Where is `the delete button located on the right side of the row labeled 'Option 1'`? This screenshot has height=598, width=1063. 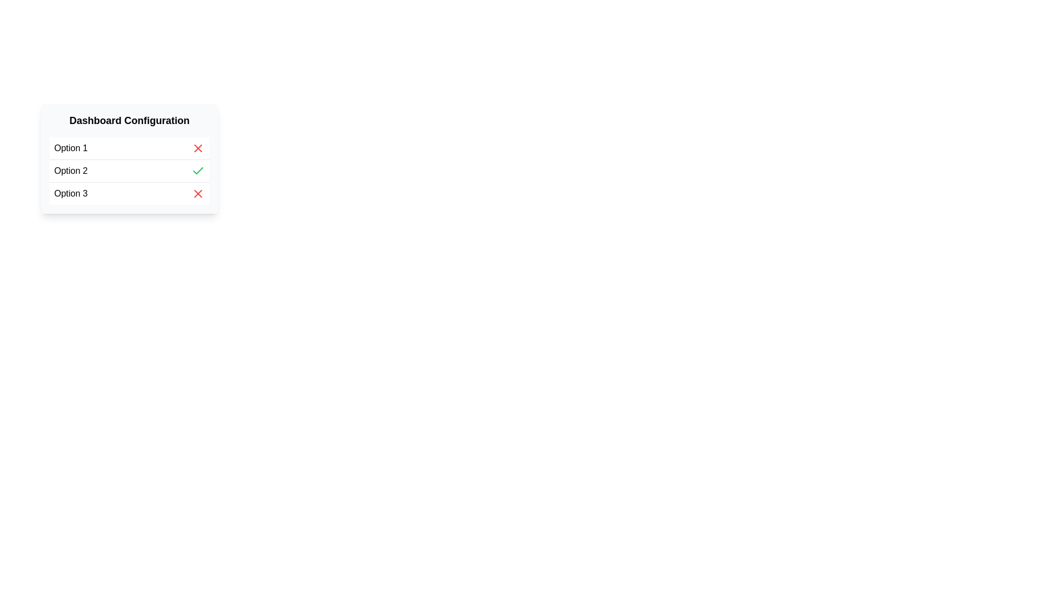 the delete button located on the right side of the row labeled 'Option 1' is located at coordinates (198, 147).